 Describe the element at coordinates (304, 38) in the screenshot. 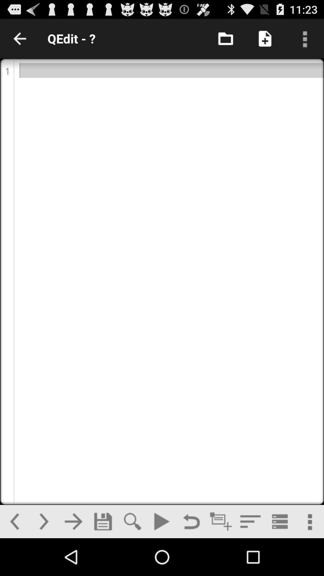

I see `display menu` at that location.